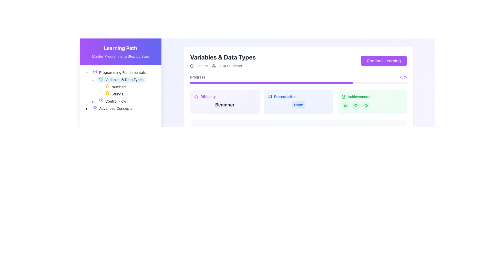 The width and height of the screenshot is (492, 277). Describe the element at coordinates (345, 105) in the screenshot. I see `the second star-shaped icon in the Achievements section` at that location.